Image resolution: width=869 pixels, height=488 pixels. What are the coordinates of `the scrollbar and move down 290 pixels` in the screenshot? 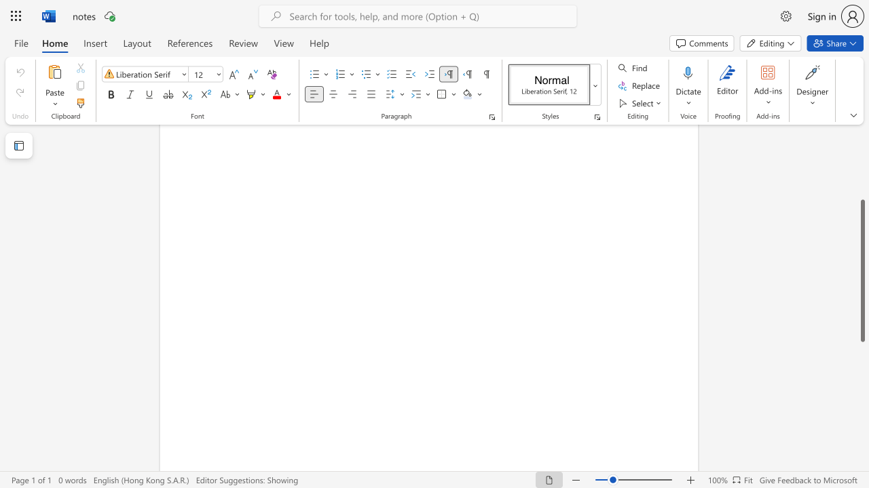 It's located at (862, 270).